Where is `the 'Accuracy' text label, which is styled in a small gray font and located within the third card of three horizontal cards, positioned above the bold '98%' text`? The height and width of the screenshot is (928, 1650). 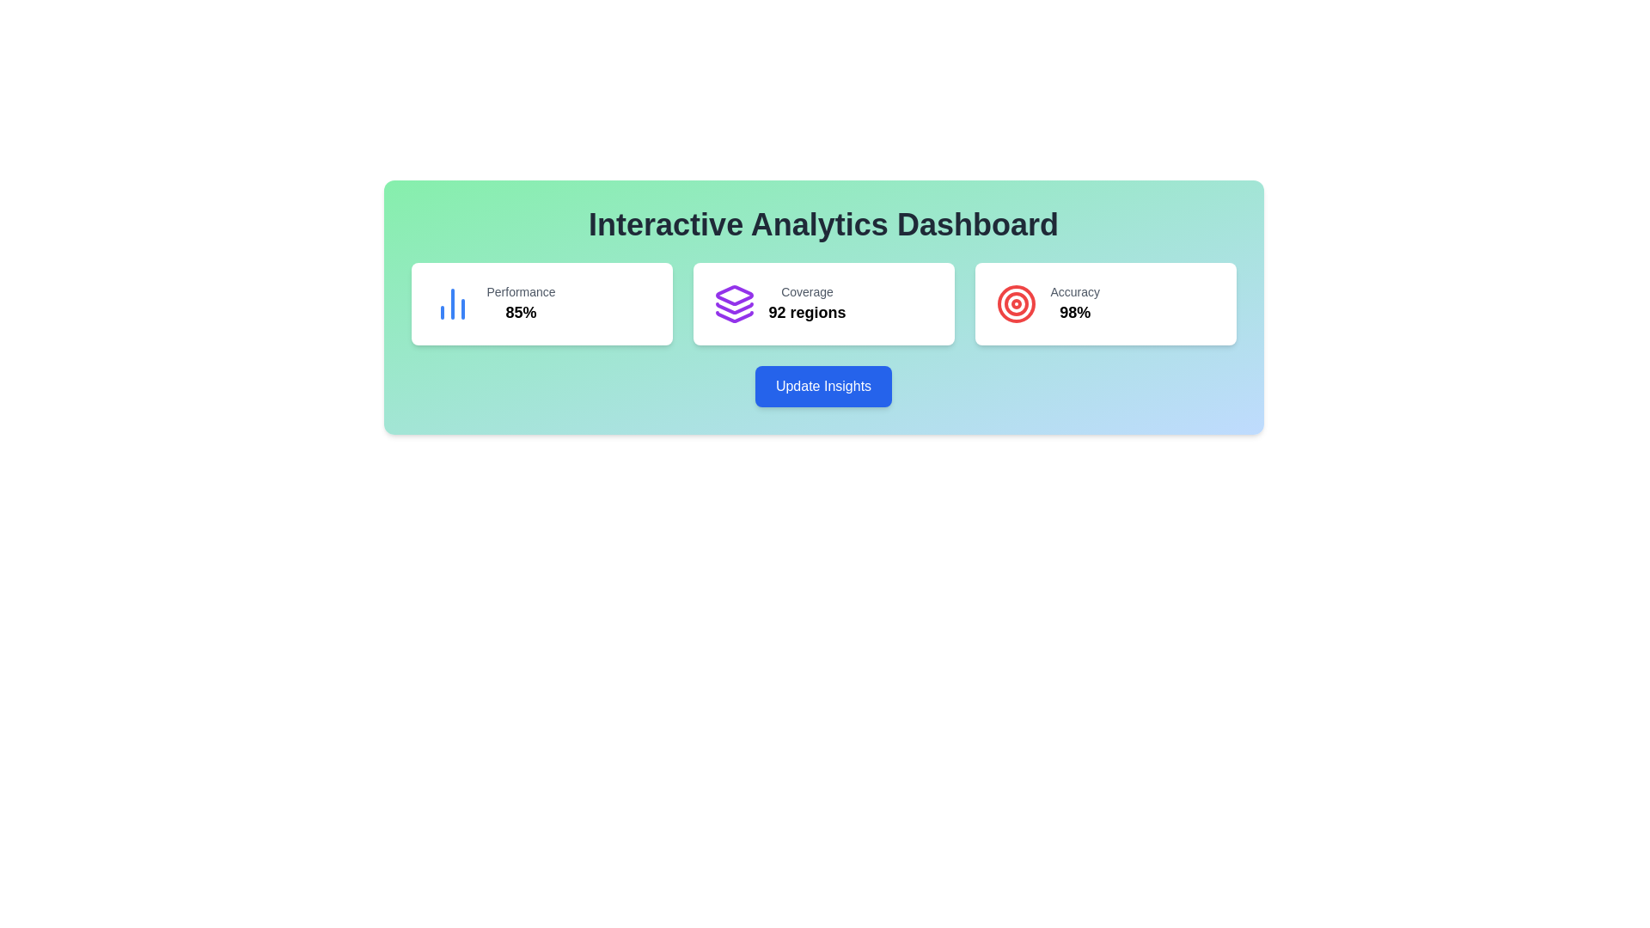 the 'Accuracy' text label, which is styled in a small gray font and located within the third card of three horizontal cards, positioned above the bold '98%' text is located at coordinates (1074, 290).